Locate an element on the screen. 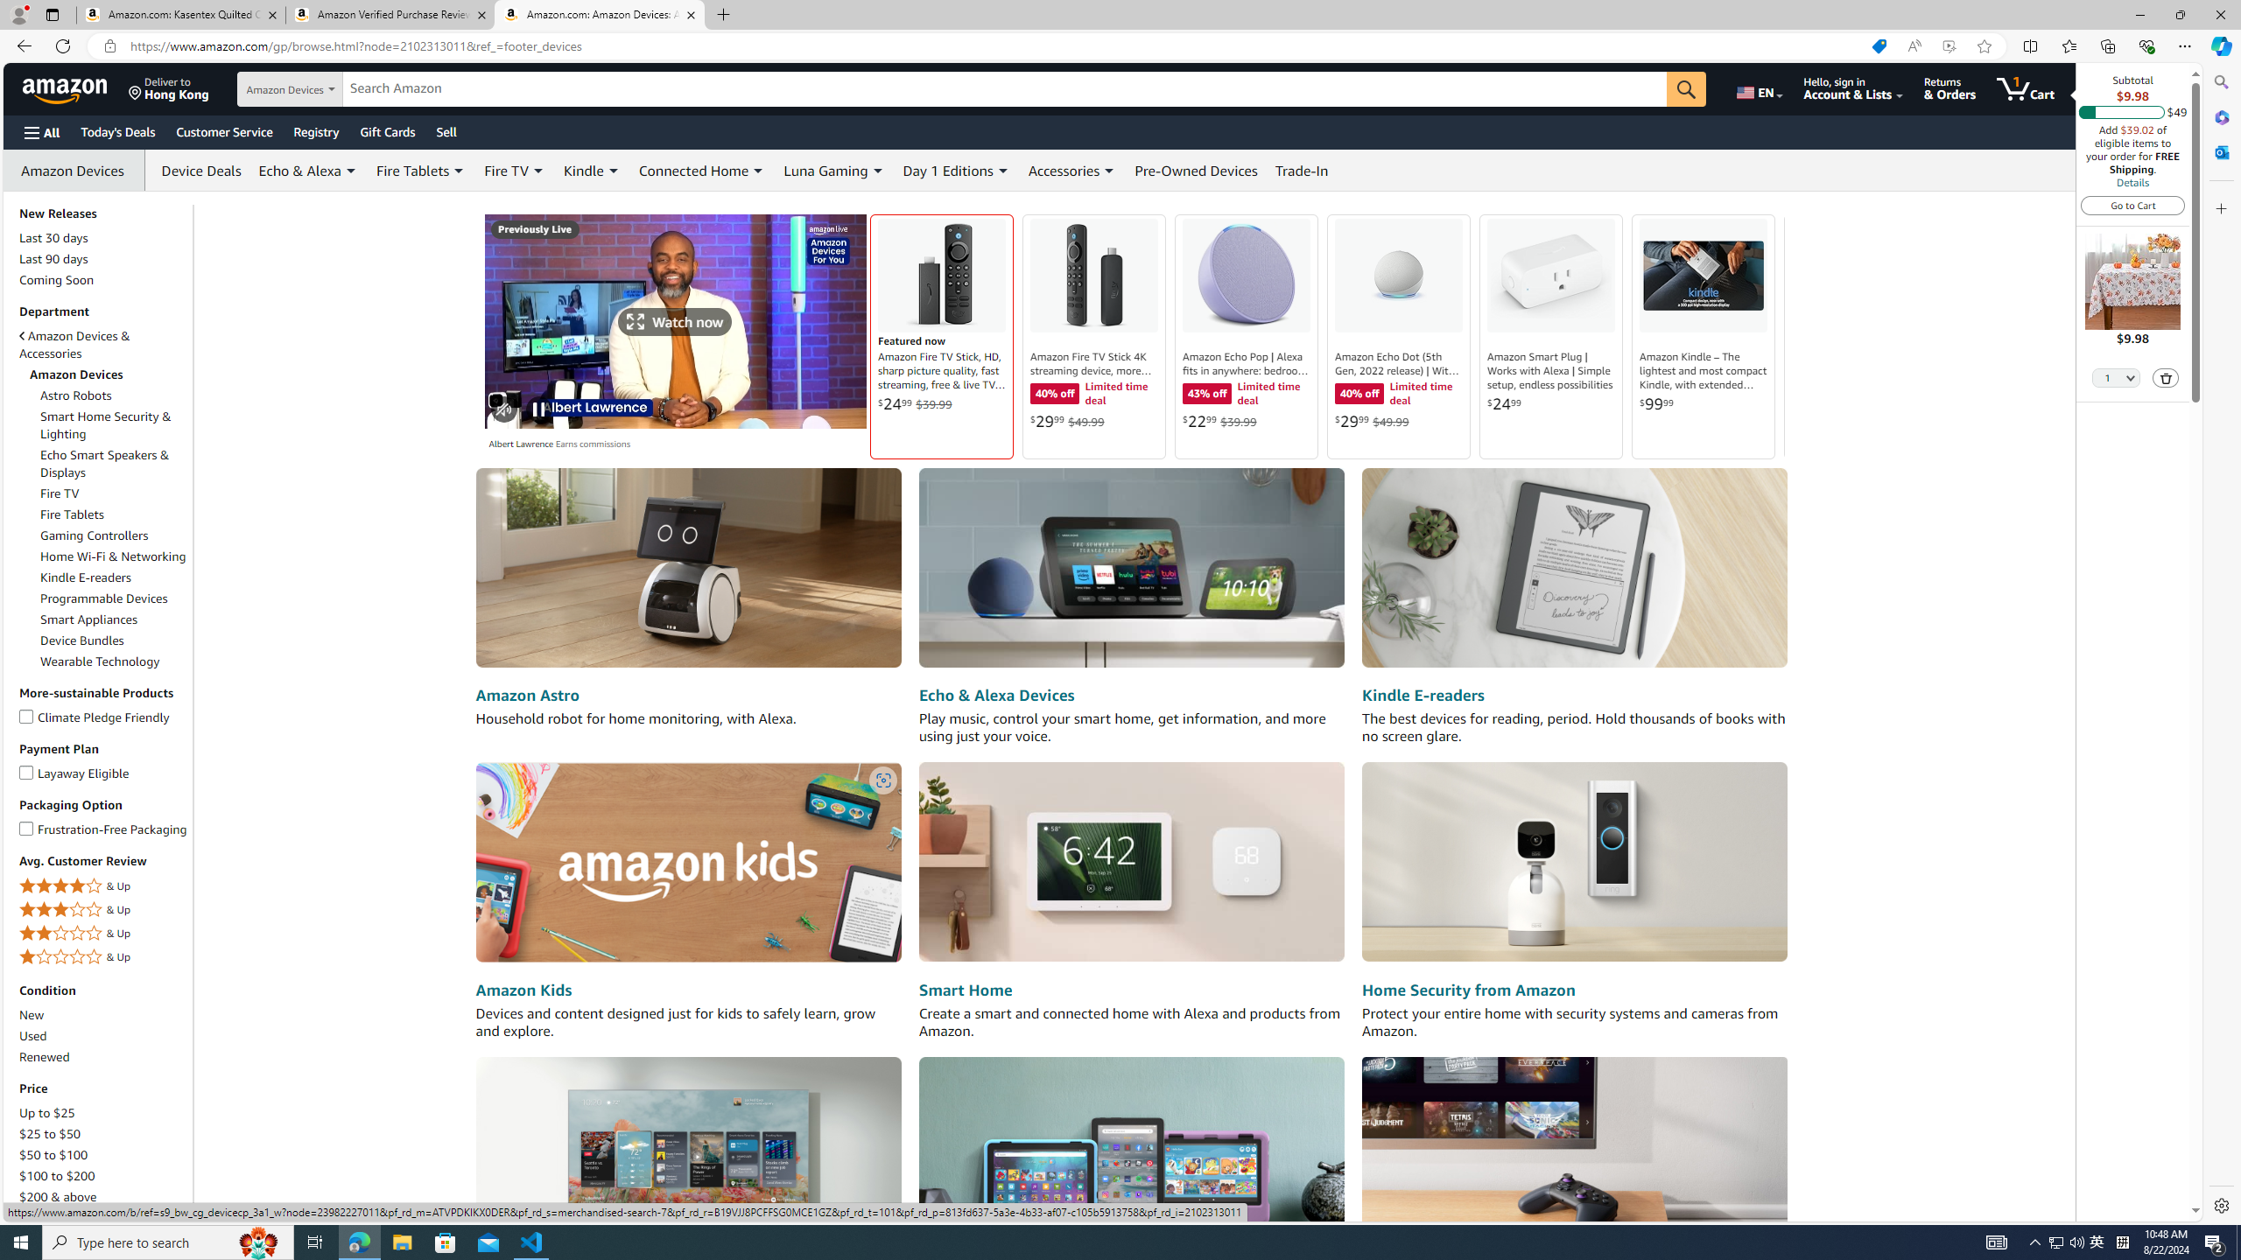  'Layaway Eligible Layaway Eligible' is located at coordinates (74, 772).